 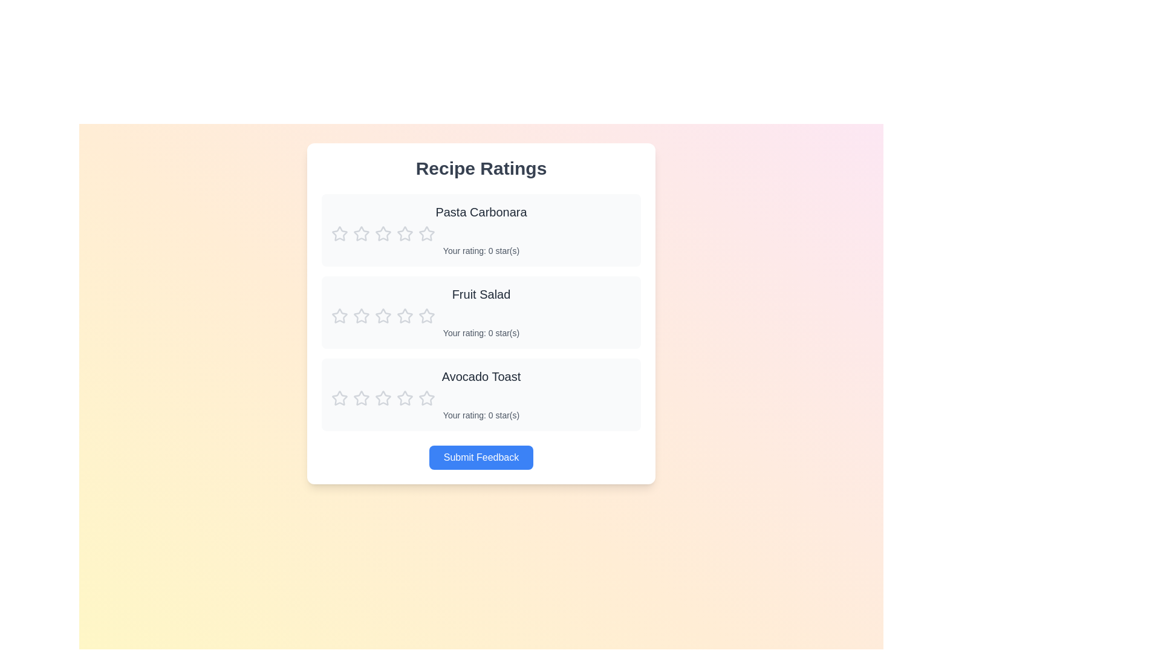 I want to click on the first star icon in the five-star rating row under the 'Avocado Toast' section for keyboard interaction, so click(x=405, y=398).